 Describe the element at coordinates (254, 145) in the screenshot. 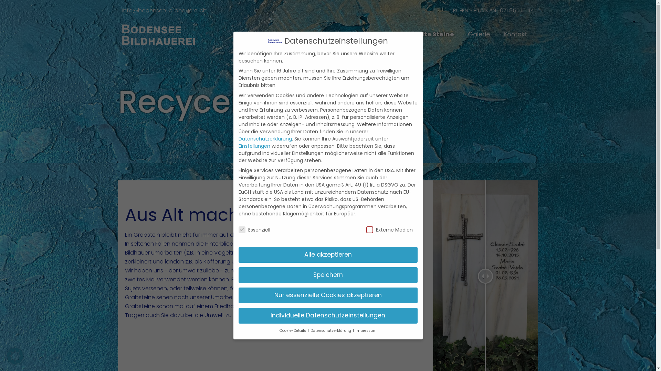

I see `'Einstellungen'` at that location.